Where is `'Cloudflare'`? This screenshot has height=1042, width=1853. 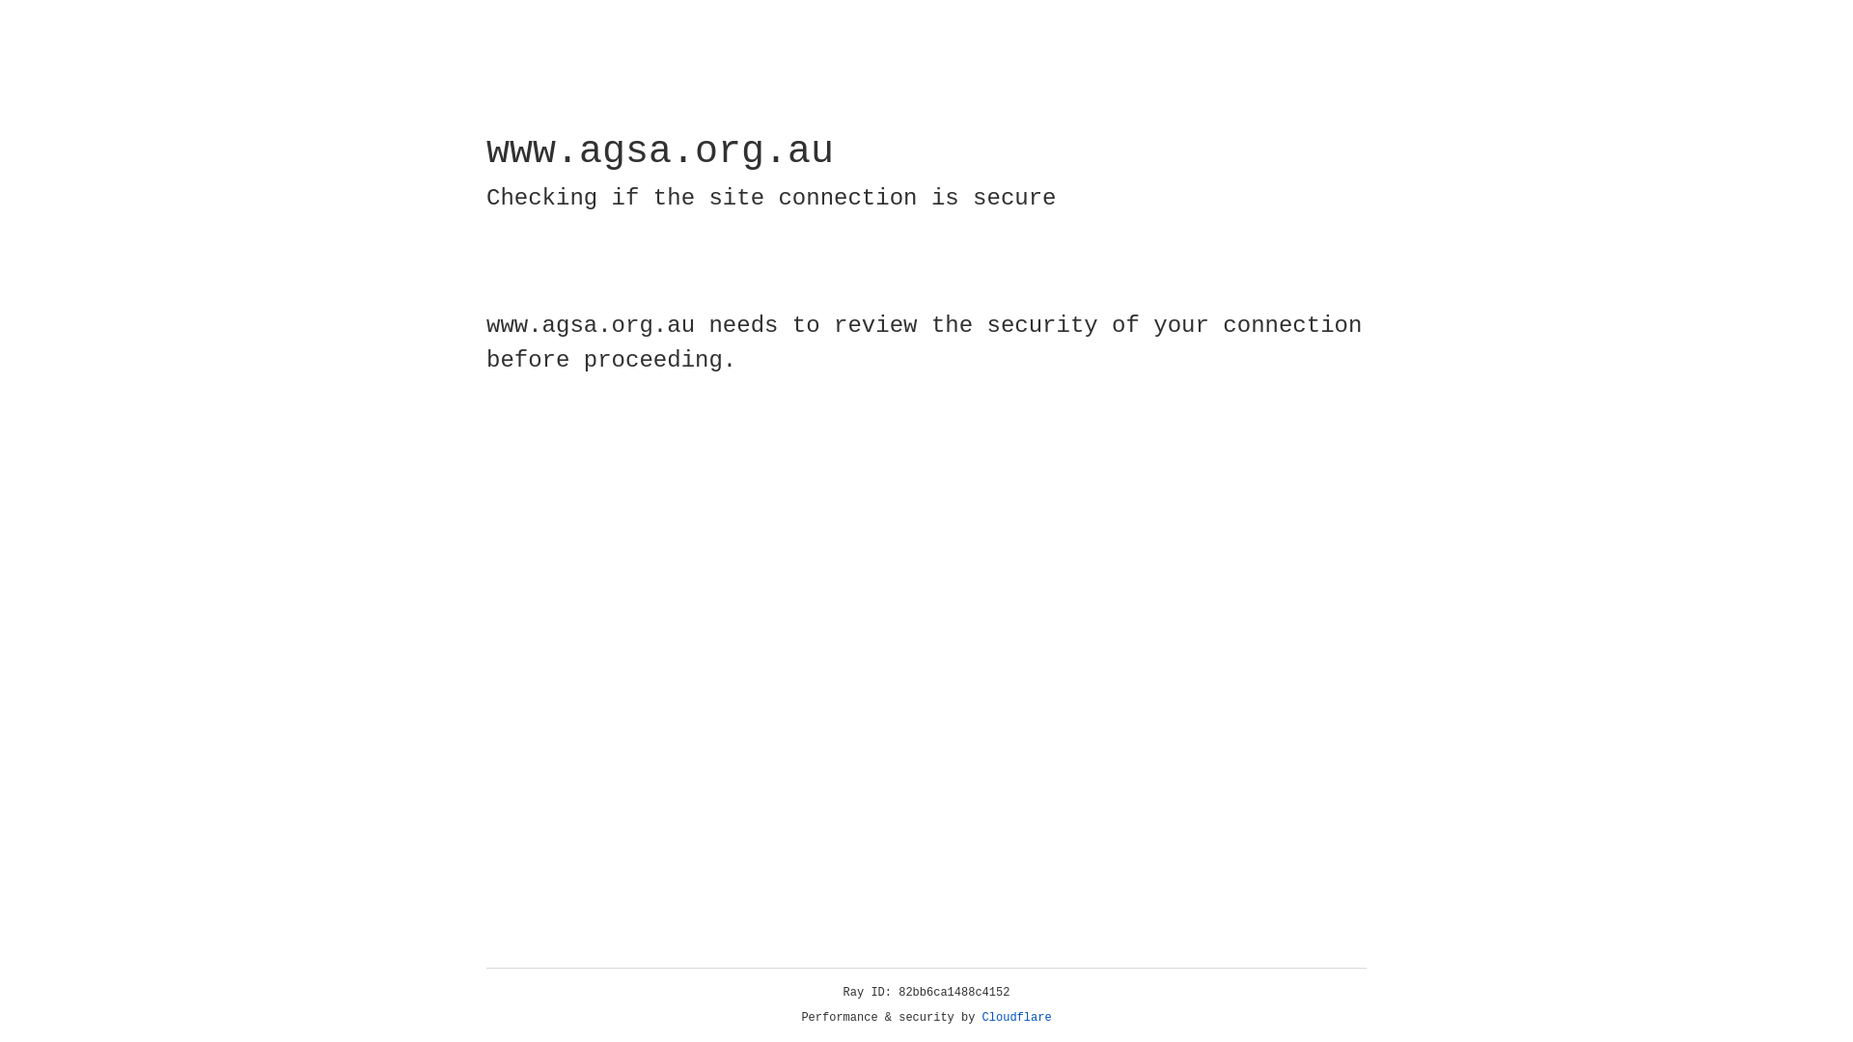
'Cloudflare' is located at coordinates (1016, 1017).